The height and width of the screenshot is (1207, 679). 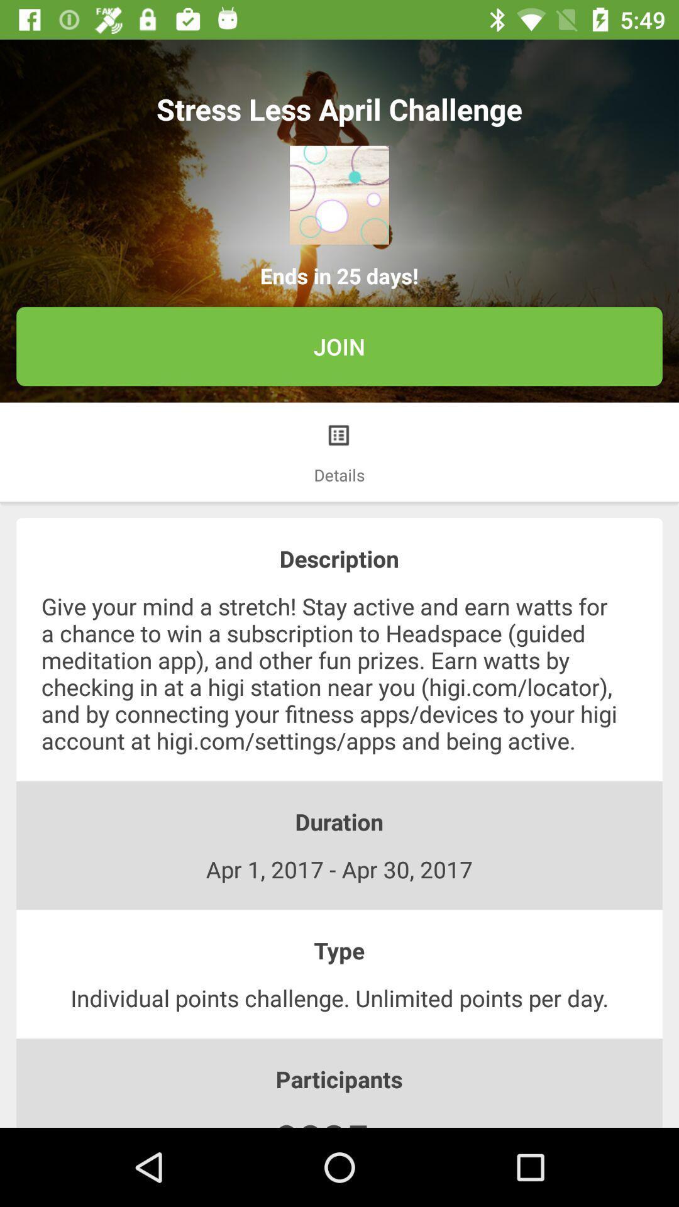 What do you see at coordinates (339, 346) in the screenshot?
I see `join` at bounding box center [339, 346].